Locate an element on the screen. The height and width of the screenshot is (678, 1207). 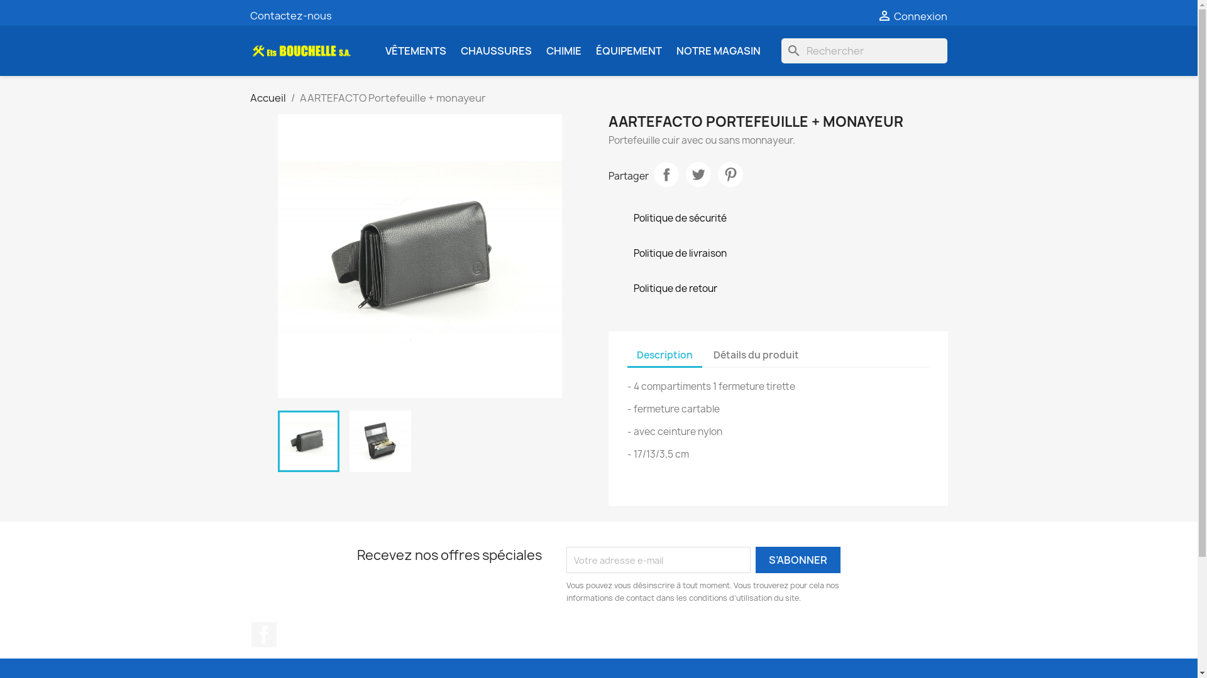
'Contactez-nous' is located at coordinates (290, 15).